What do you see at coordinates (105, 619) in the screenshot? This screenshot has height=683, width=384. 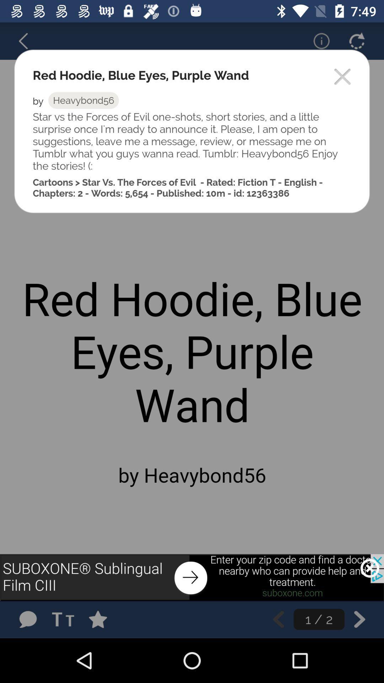 I see `story to favorites` at bounding box center [105, 619].